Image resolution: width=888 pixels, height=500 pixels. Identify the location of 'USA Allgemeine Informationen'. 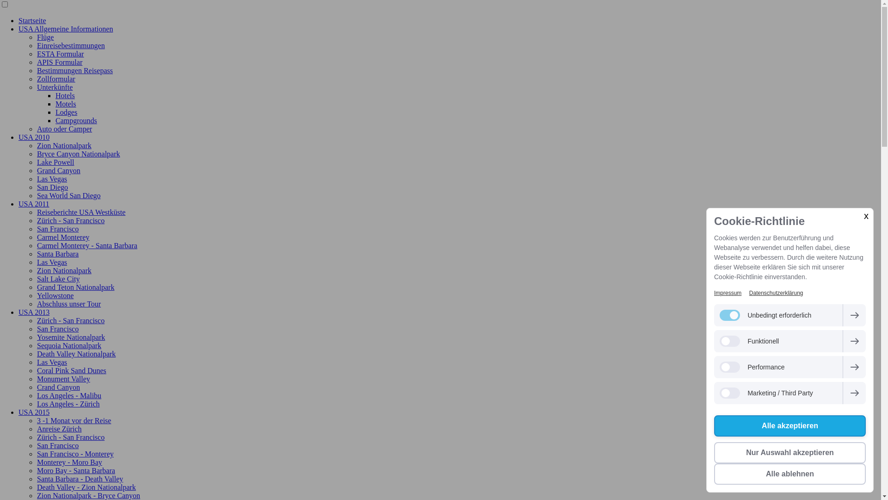
(18, 28).